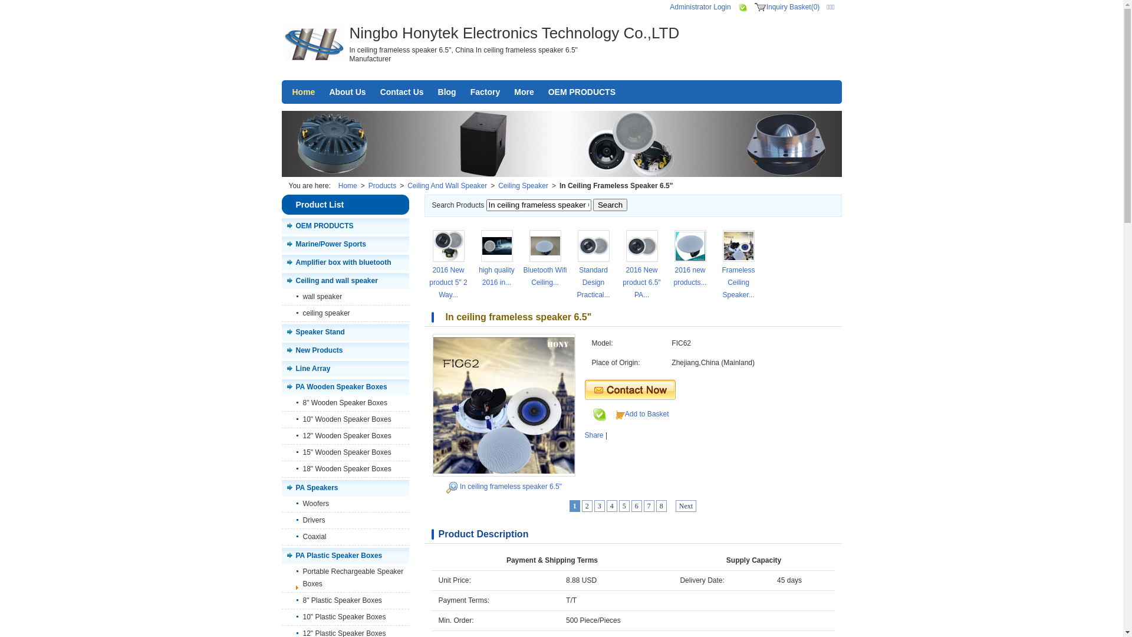 The width and height of the screenshot is (1132, 637). What do you see at coordinates (593, 282) in the screenshot?
I see `'Standard Design Practical...'` at bounding box center [593, 282].